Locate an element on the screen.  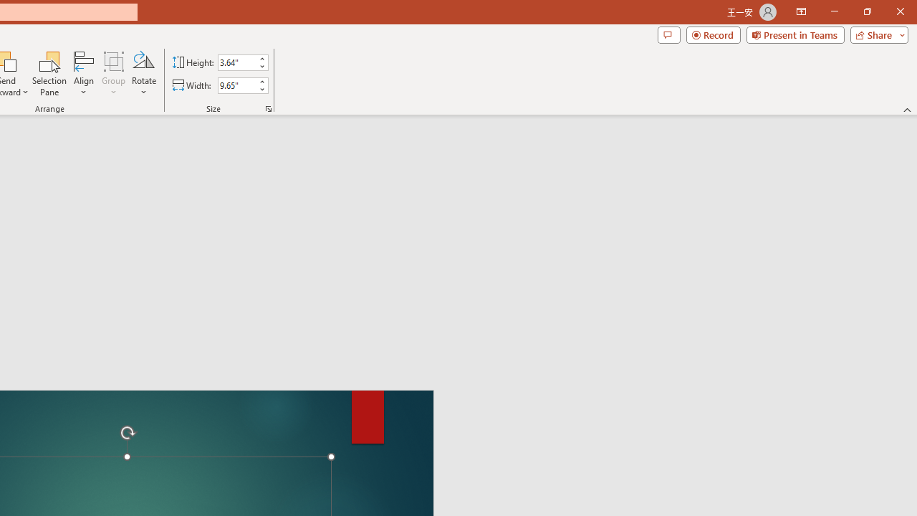
'Rotate' is located at coordinates (143, 74).